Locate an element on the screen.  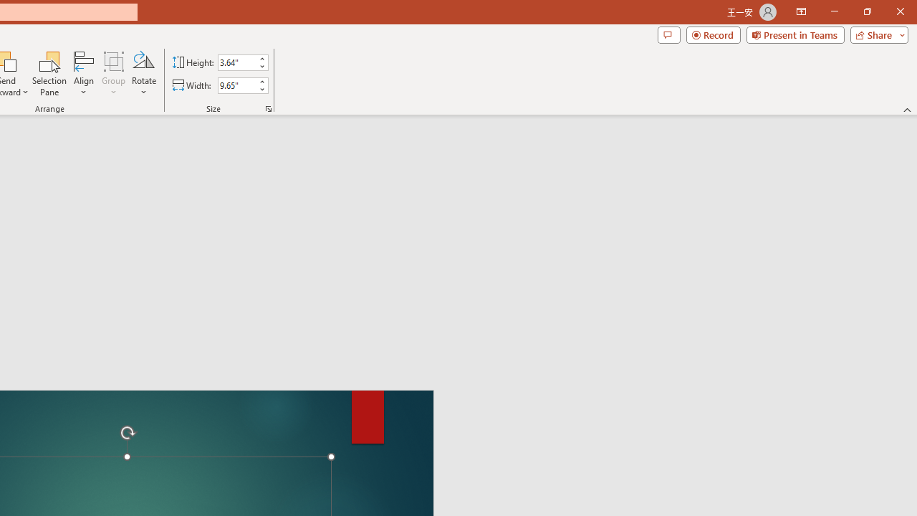
'Rotate' is located at coordinates (143, 74).